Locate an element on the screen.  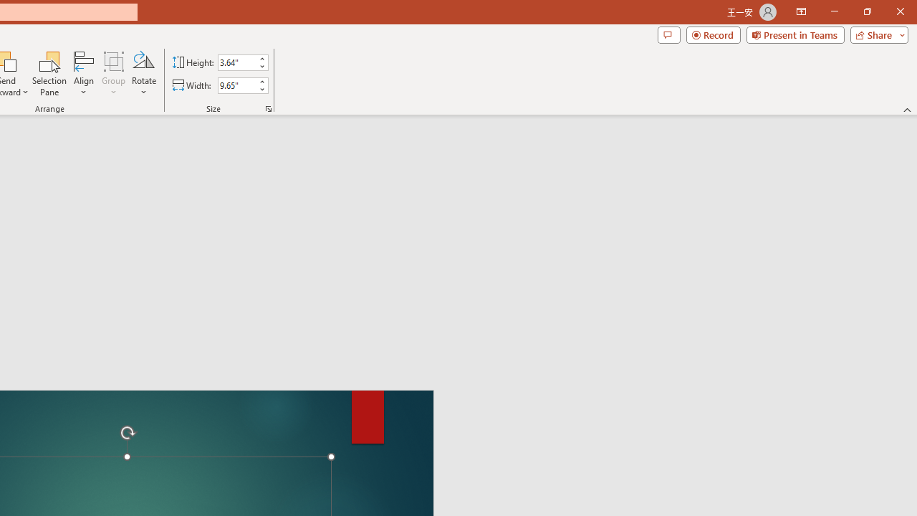
'Rotate' is located at coordinates (143, 74).